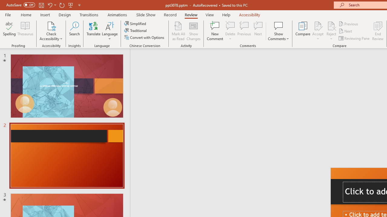 The image size is (387, 217). What do you see at coordinates (303, 31) in the screenshot?
I see `'Compare'` at bounding box center [303, 31].